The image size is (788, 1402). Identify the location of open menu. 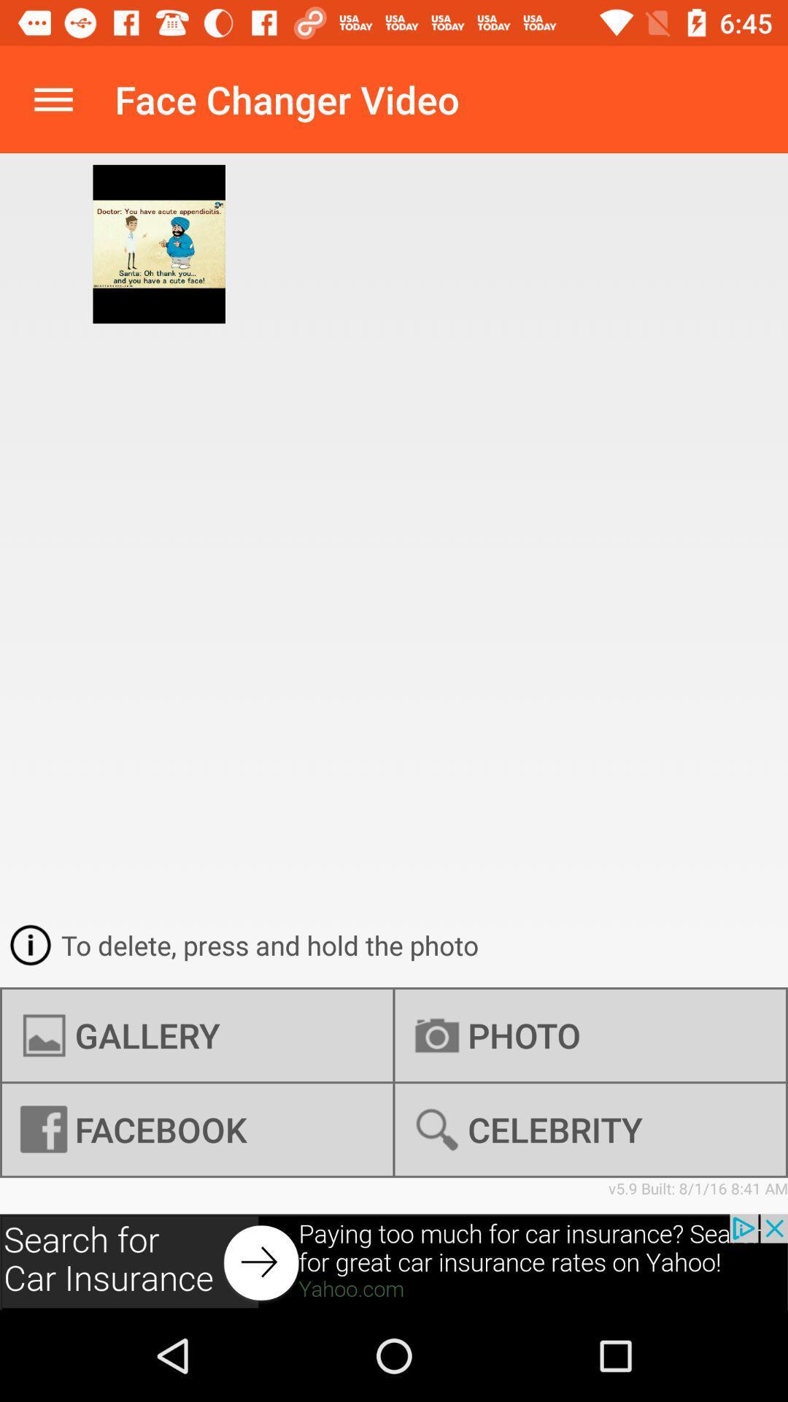
(53, 99).